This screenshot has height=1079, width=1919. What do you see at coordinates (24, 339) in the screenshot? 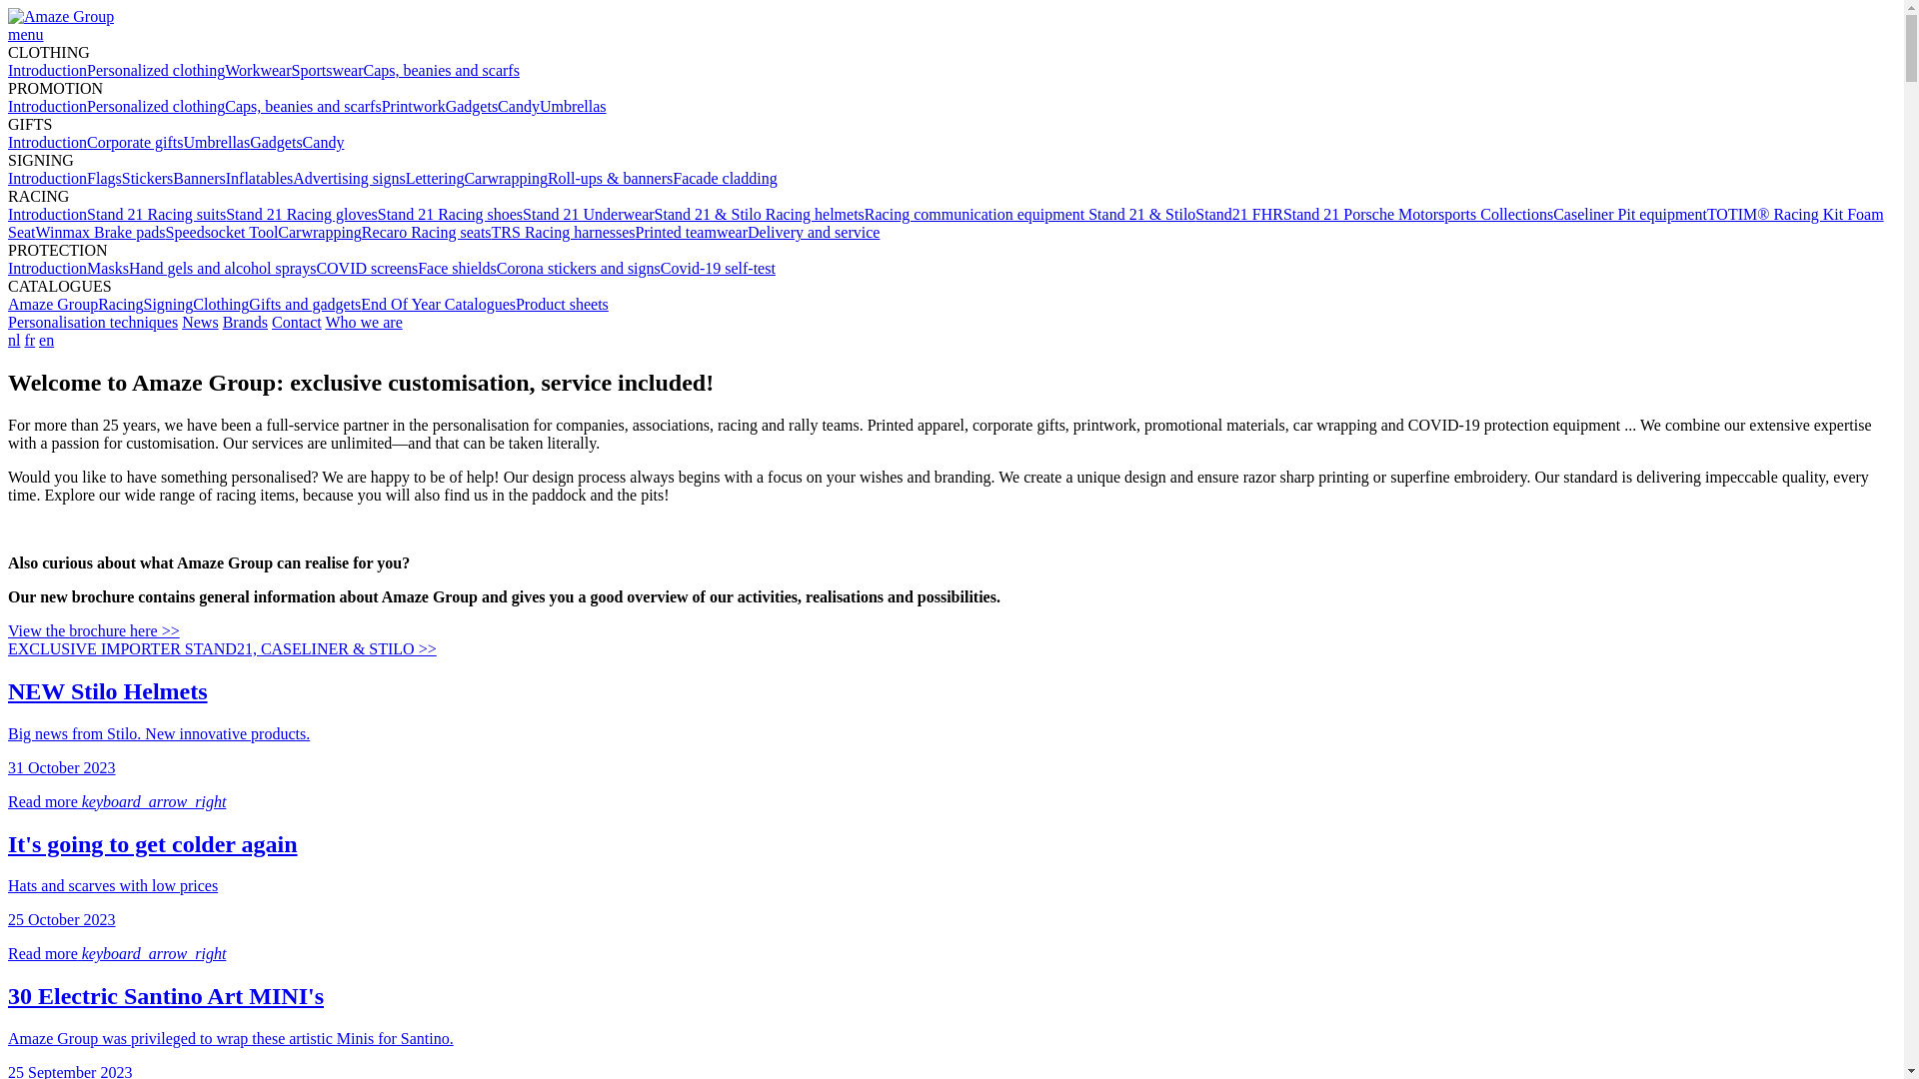
I see `'fr'` at bounding box center [24, 339].